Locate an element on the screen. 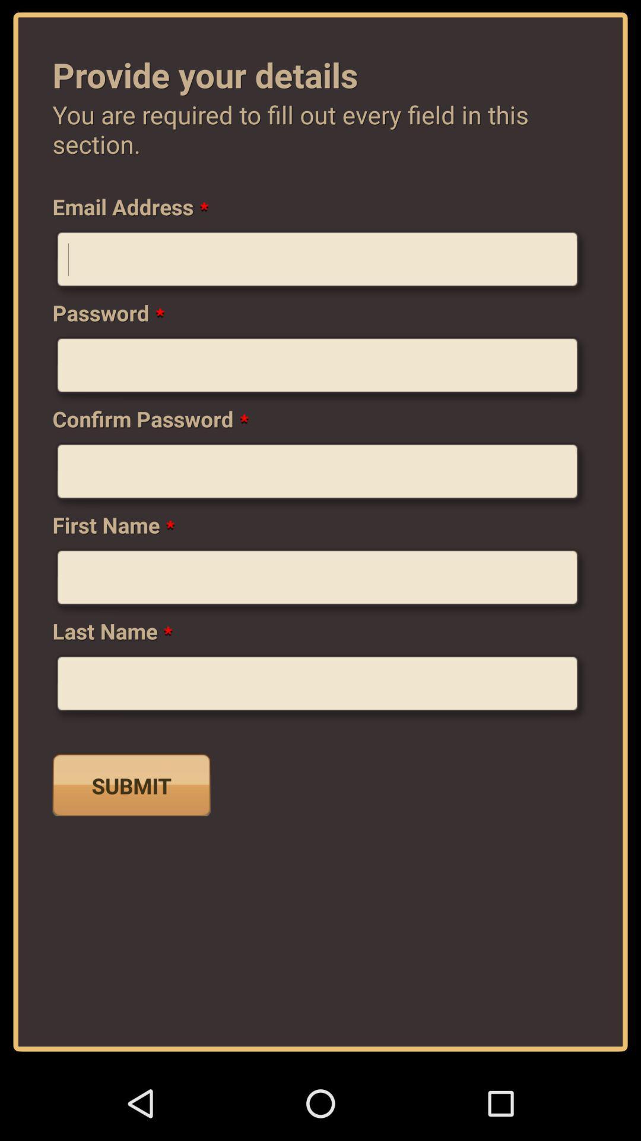  submit at the bottom left corner is located at coordinates (131, 784).